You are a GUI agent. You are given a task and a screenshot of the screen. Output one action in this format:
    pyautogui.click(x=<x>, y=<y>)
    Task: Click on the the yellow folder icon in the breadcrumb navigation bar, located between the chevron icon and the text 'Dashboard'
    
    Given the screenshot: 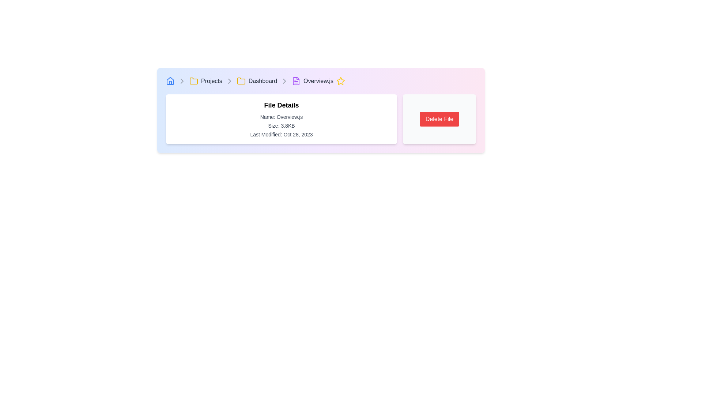 What is the action you would take?
    pyautogui.click(x=193, y=81)
    